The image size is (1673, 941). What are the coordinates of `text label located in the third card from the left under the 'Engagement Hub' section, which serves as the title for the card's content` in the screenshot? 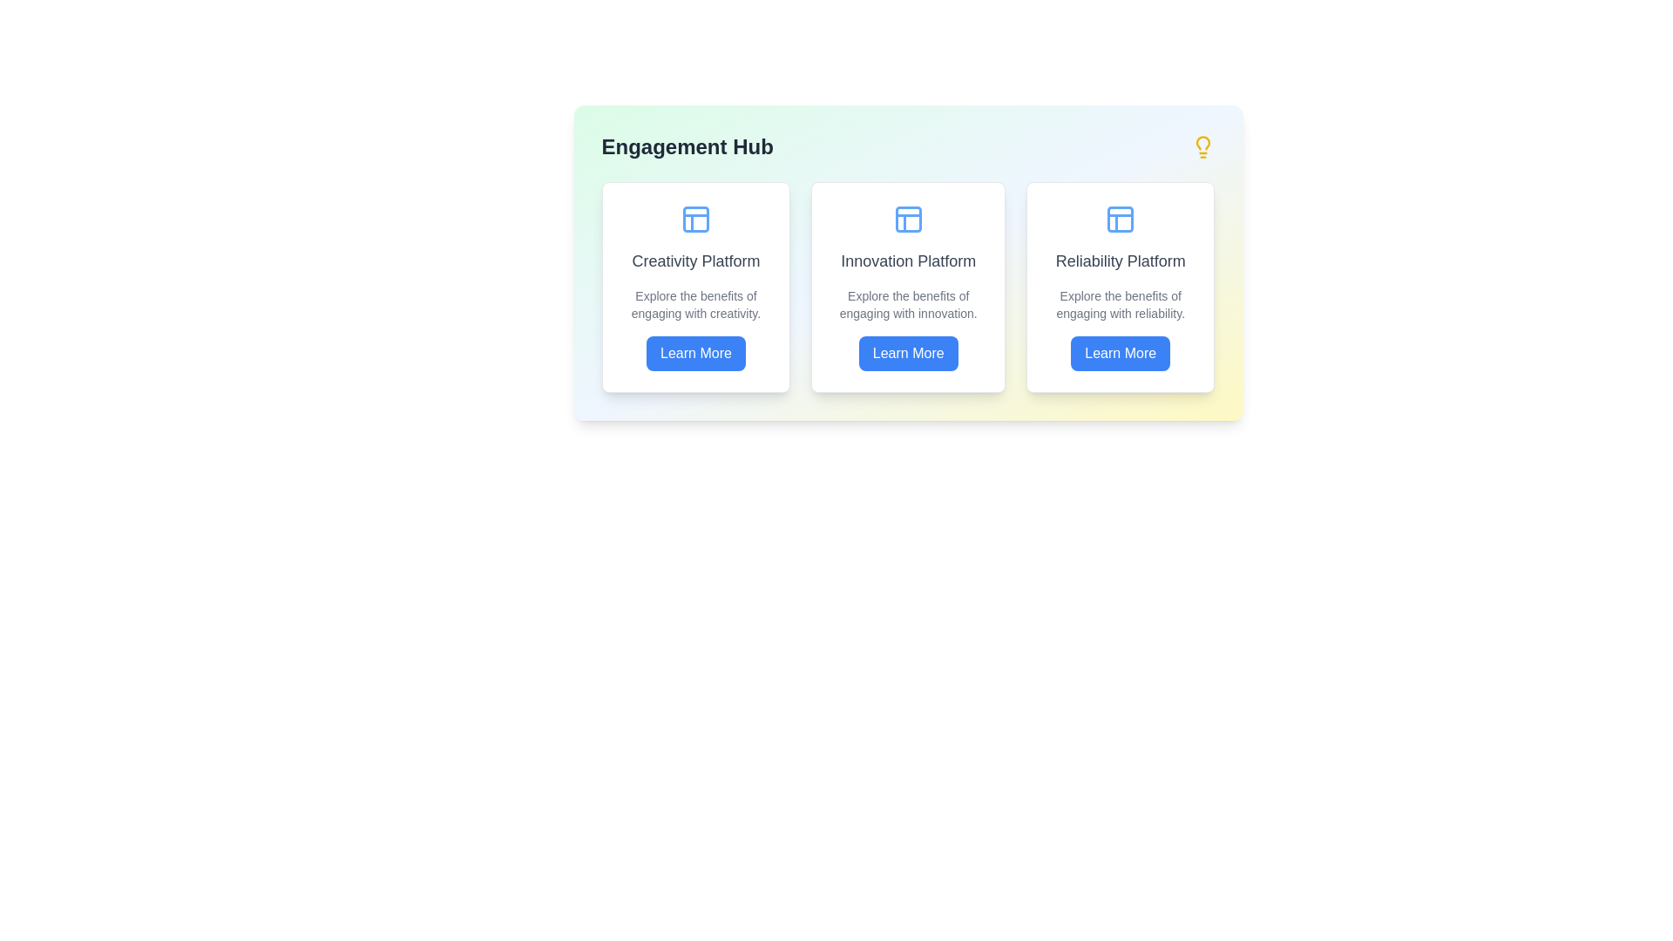 It's located at (1121, 261).